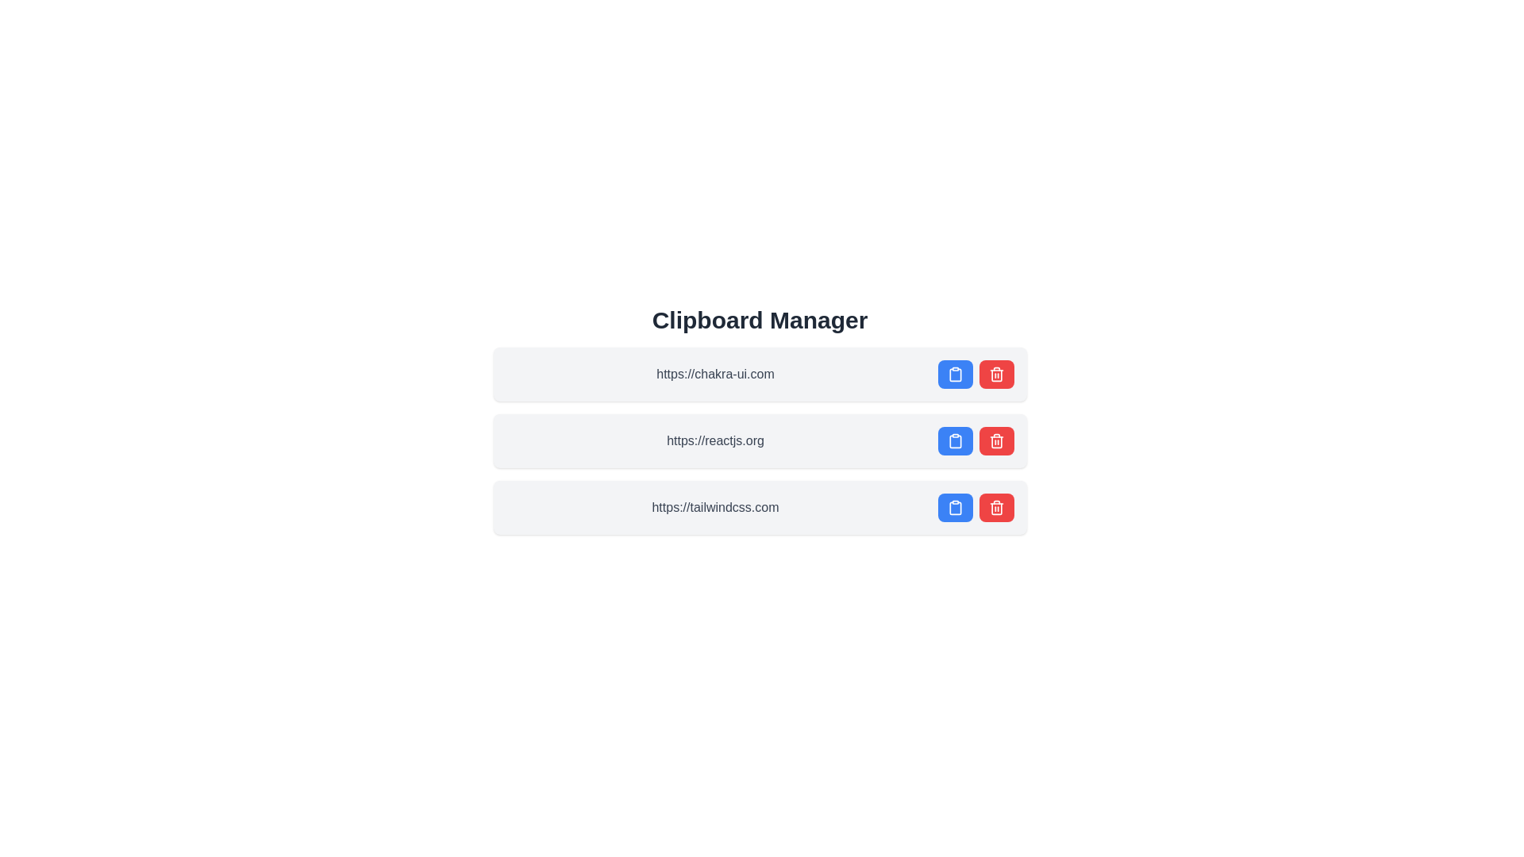 The width and height of the screenshot is (1524, 857). I want to click on the red button with a trash can icon, so click(995, 440).